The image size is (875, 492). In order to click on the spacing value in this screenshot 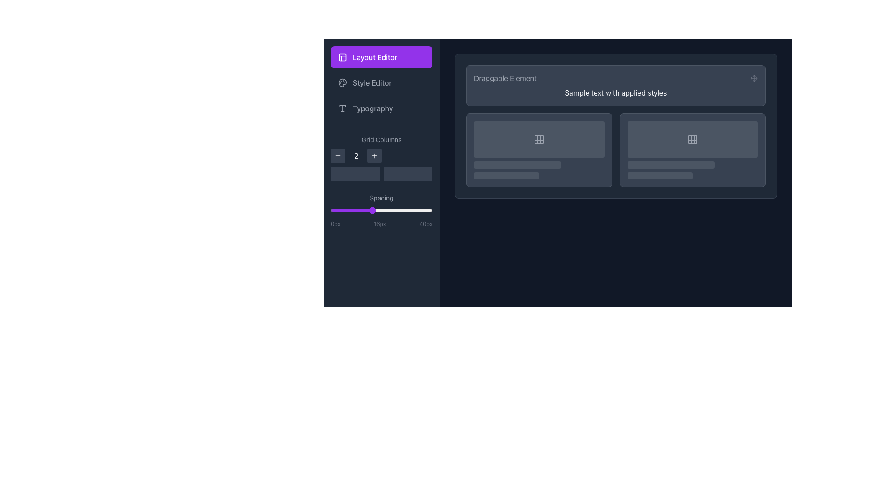, I will do `click(343, 210)`.